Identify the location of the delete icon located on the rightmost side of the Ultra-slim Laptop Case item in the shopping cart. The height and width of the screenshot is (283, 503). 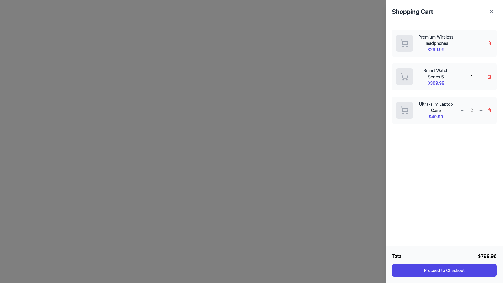
(489, 110).